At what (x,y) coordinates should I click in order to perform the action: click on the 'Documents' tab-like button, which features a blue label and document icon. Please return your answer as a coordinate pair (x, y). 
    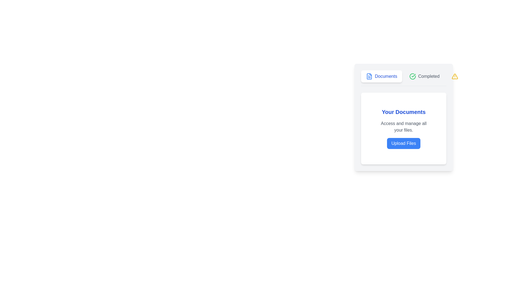
    Looking at the image, I should click on (381, 76).